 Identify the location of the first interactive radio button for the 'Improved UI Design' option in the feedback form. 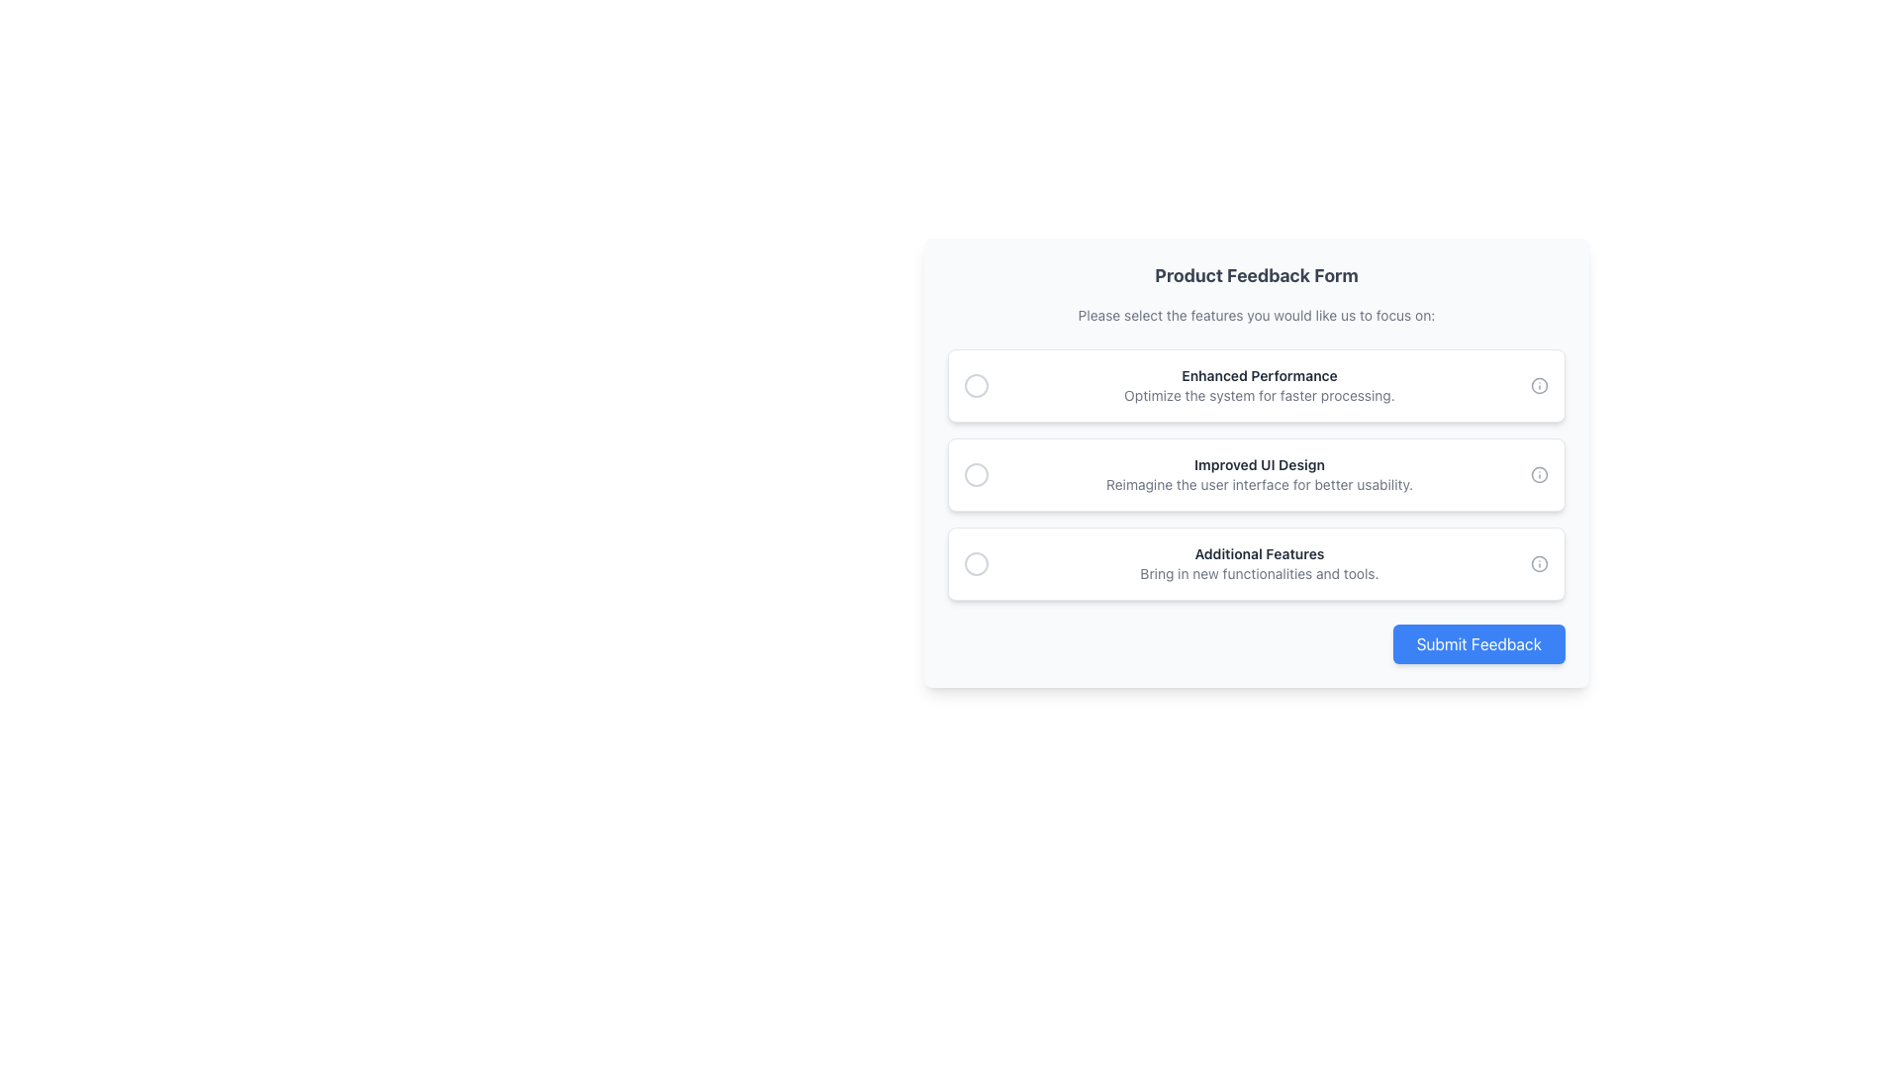
(977, 474).